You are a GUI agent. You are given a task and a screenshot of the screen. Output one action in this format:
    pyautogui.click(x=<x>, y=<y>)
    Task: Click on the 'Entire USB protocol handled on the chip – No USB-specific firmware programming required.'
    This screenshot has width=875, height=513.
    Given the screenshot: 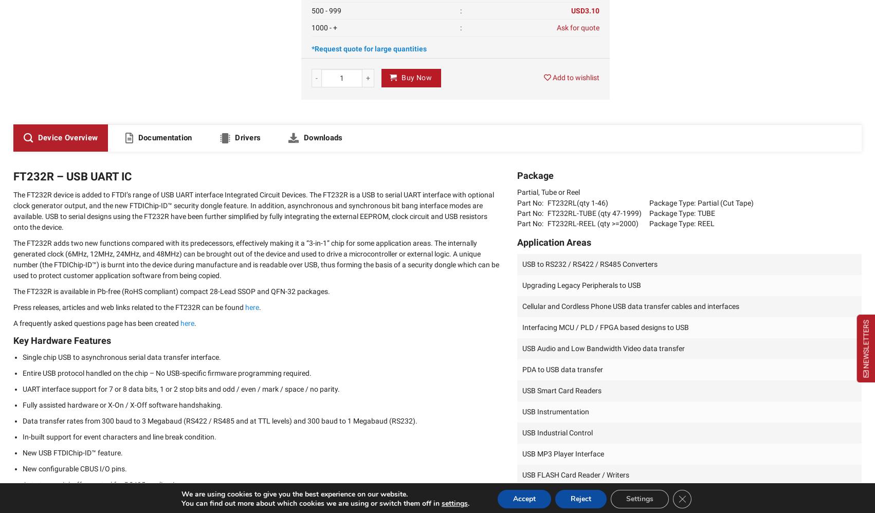 What is the action you would take?
    pyautogui.click(x=167, y=373)
    